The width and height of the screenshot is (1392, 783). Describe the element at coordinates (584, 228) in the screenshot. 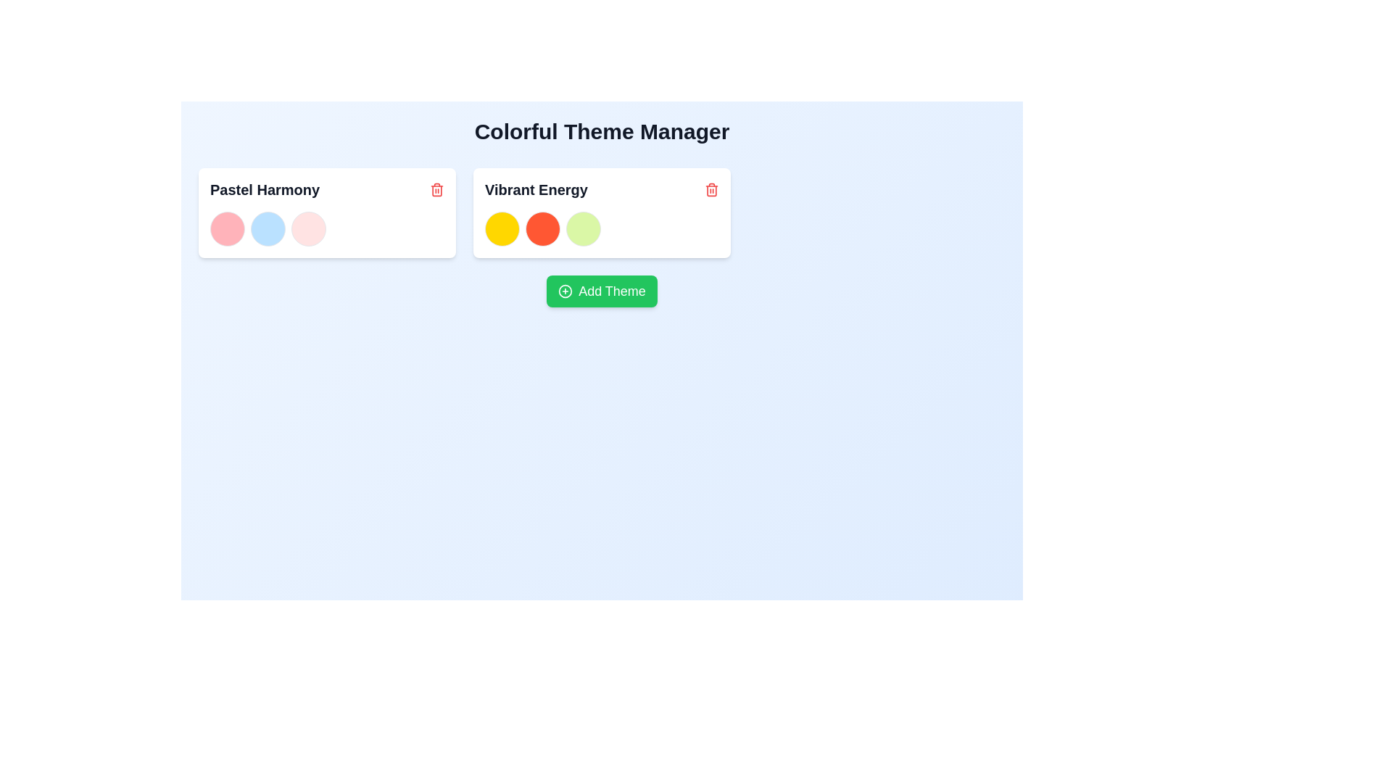

I see `the third circular visual decoration with a lime-green background in the 'Vibrant Energy' card` at that location.